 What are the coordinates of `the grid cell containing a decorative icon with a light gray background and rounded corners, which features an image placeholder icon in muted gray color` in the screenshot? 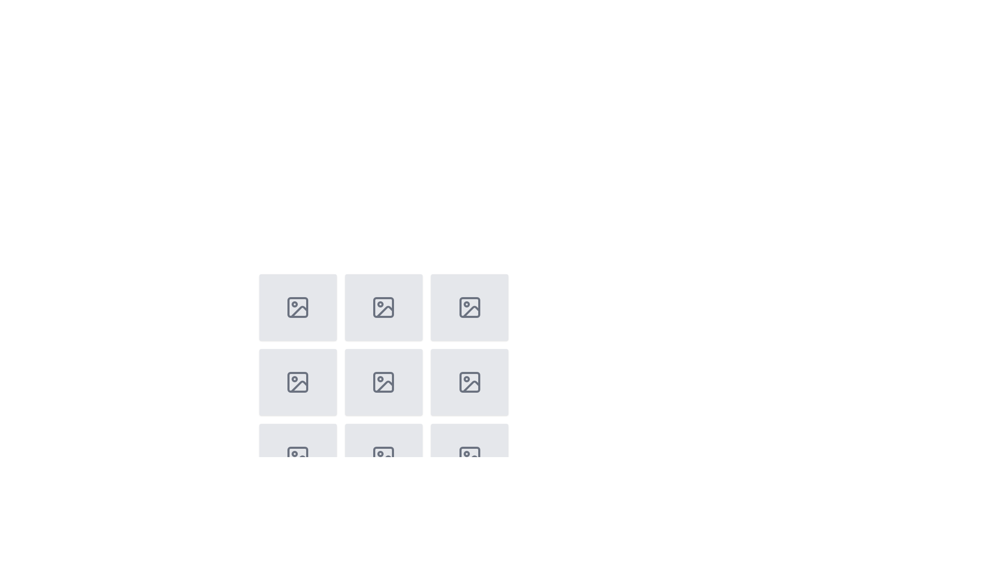 It's located at (469, 382).